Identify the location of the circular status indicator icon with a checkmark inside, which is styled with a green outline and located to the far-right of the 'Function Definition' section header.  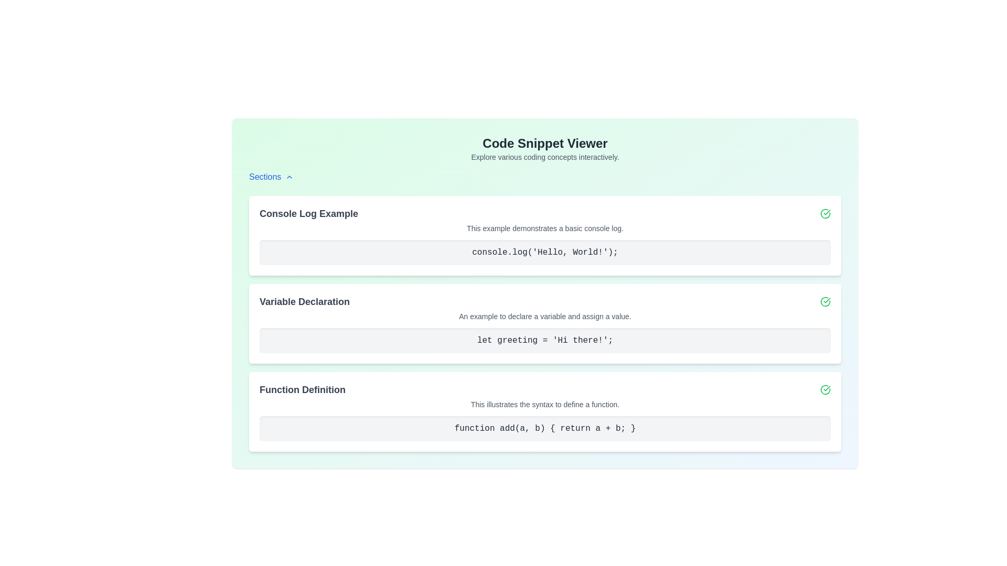
(825, 390).